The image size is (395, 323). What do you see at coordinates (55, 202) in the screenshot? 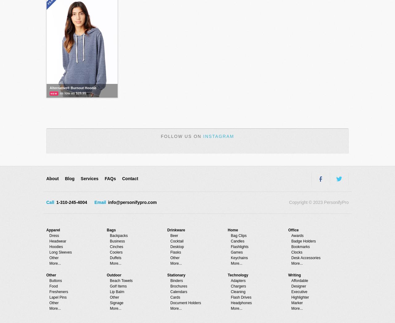
I see `'1-310-245-4004'` at bounding box center [55, 202].